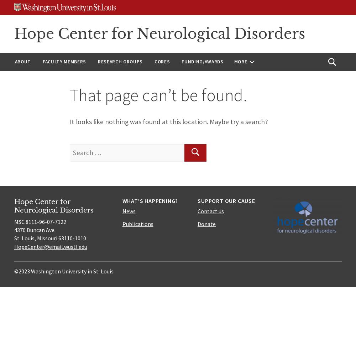 This screenshot has width=356, height=356. What do you see at coordinates (120, 159) in the screenshot?
I see `'Neurogenetics & Transcriptomics'` at bounding box center [120, 159].